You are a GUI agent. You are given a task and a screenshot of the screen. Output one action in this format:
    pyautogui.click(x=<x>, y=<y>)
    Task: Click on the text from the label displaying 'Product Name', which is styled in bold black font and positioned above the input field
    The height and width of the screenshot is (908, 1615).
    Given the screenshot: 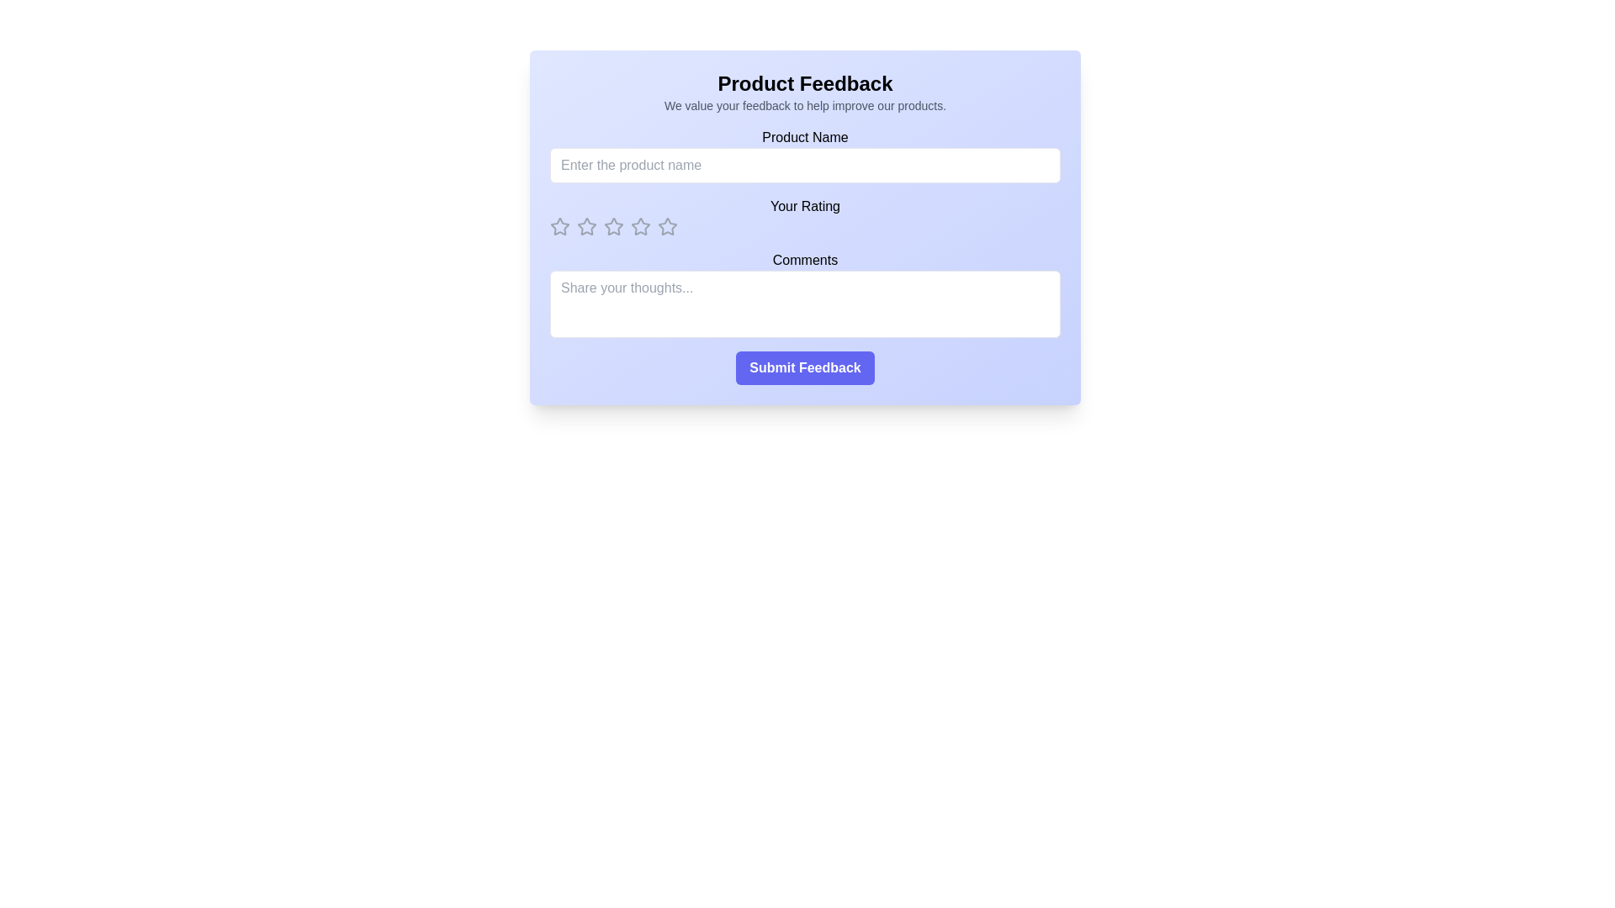 What is the action you would take?
    pyautogui.click(x=804, y=137)
    